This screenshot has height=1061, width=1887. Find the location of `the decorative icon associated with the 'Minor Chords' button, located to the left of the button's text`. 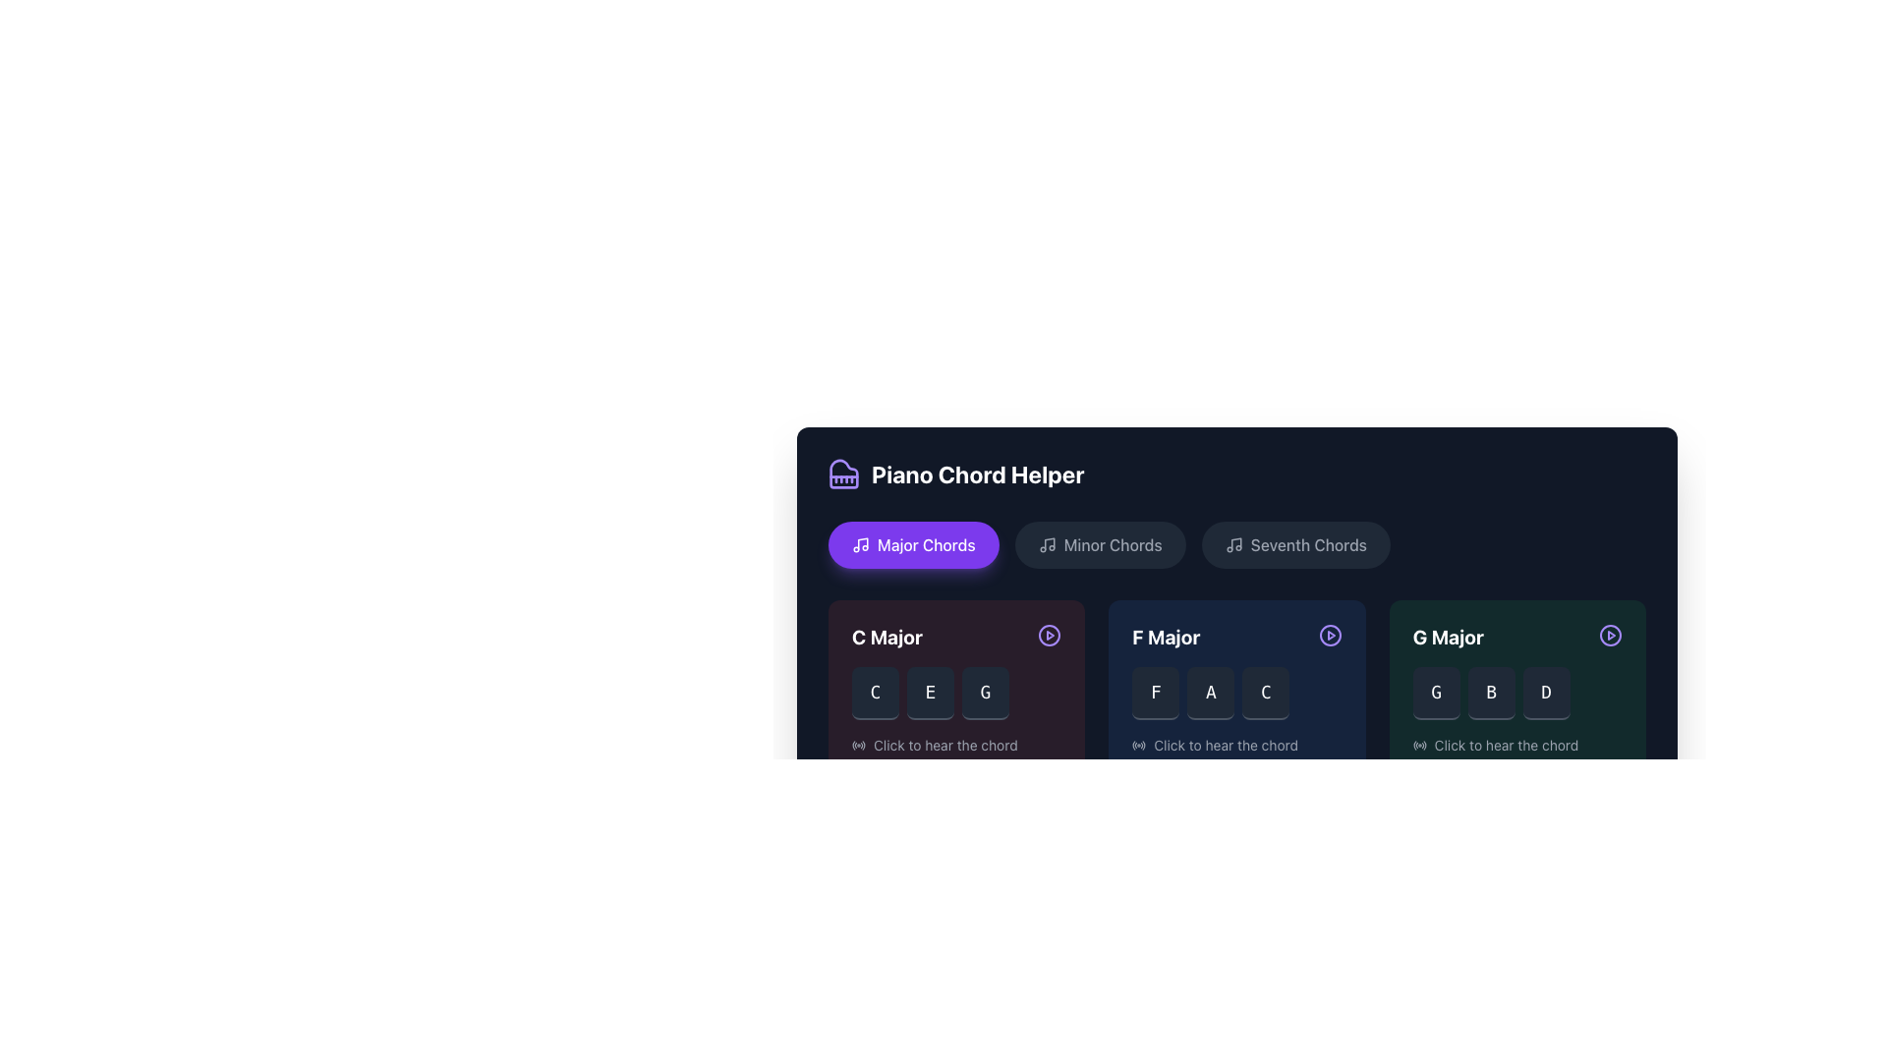

the decorative icon associated with the 'Minor Chords' button, located to the left of the button's text is located at coordinates (1046, 545).